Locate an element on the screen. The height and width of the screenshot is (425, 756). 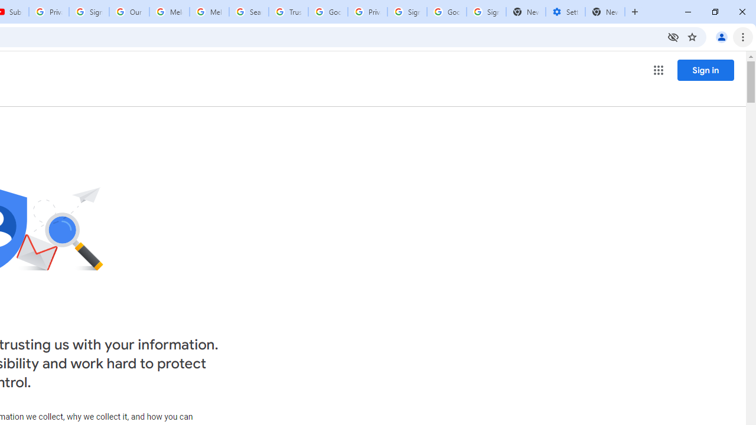
'Google Ads - Sign in' is located at coordinates (328, 12).